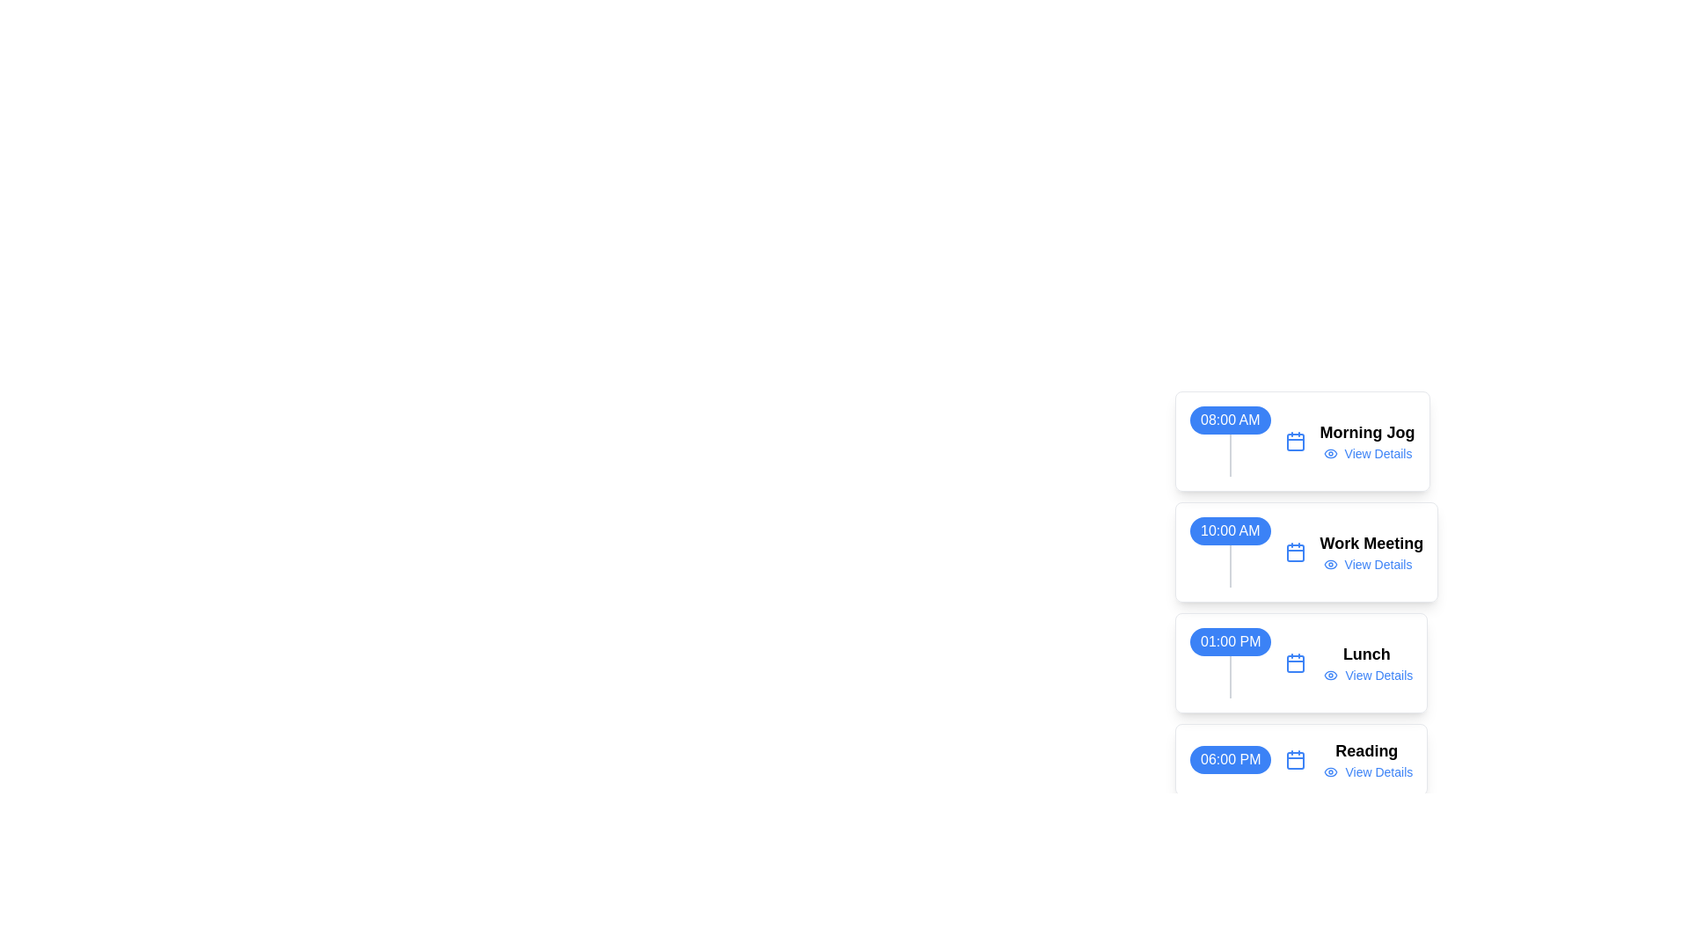 This screenshot has width=1689, height=950. Describe the element at coordinates (1229, 552) in the screenshot. I see `the time slot label positioned between '08:00 AM' and '01:00 PM'` at that location.